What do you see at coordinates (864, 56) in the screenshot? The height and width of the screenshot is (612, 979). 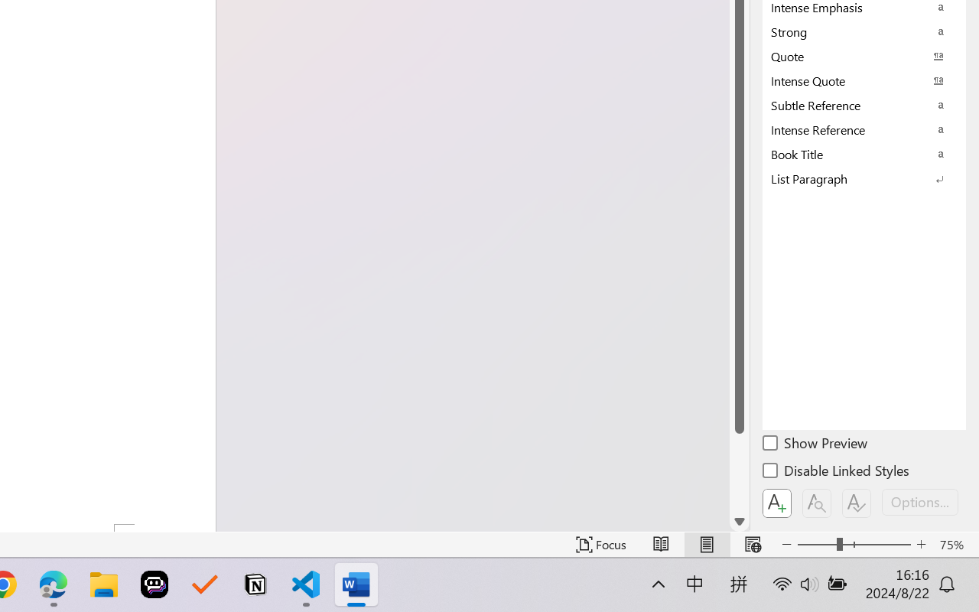 I see `'Quote'` at bounding box center [864, 56].